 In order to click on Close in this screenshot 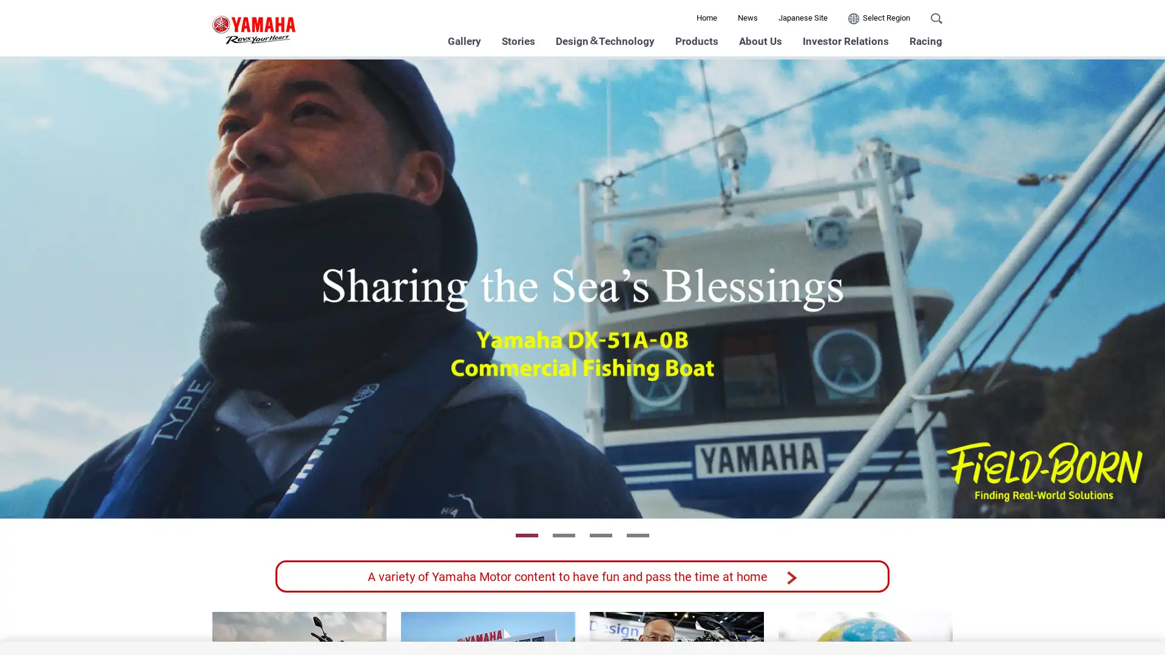, I will do `click(1144, 617)`.